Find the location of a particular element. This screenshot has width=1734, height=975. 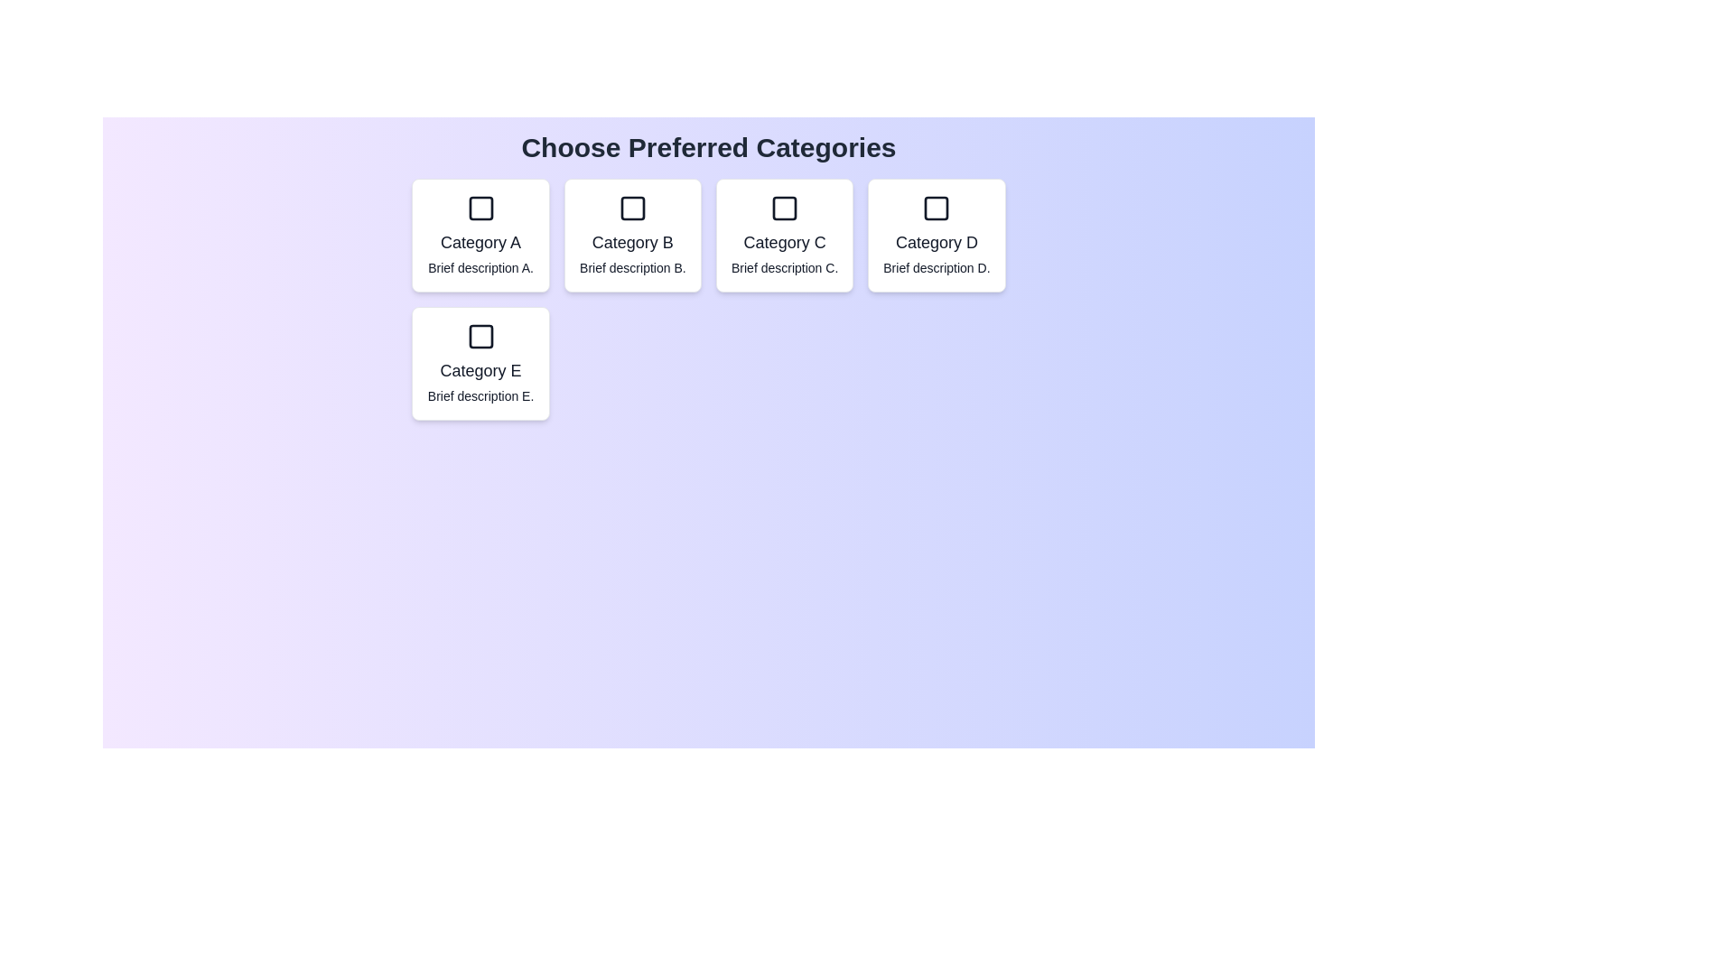

the header text 'Choose Preferred Categories' is located at coordinates (707, 147).